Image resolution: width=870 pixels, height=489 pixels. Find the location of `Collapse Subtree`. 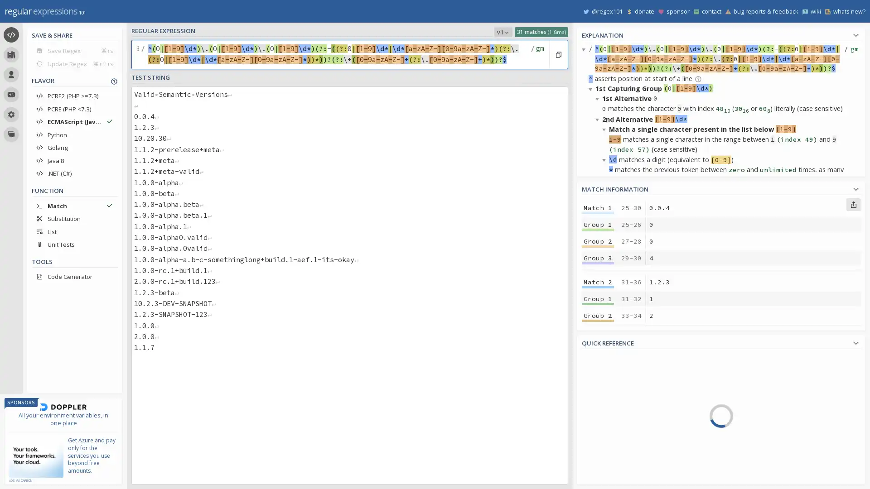

Collapse Subtree is located at coordinates (605, 384).